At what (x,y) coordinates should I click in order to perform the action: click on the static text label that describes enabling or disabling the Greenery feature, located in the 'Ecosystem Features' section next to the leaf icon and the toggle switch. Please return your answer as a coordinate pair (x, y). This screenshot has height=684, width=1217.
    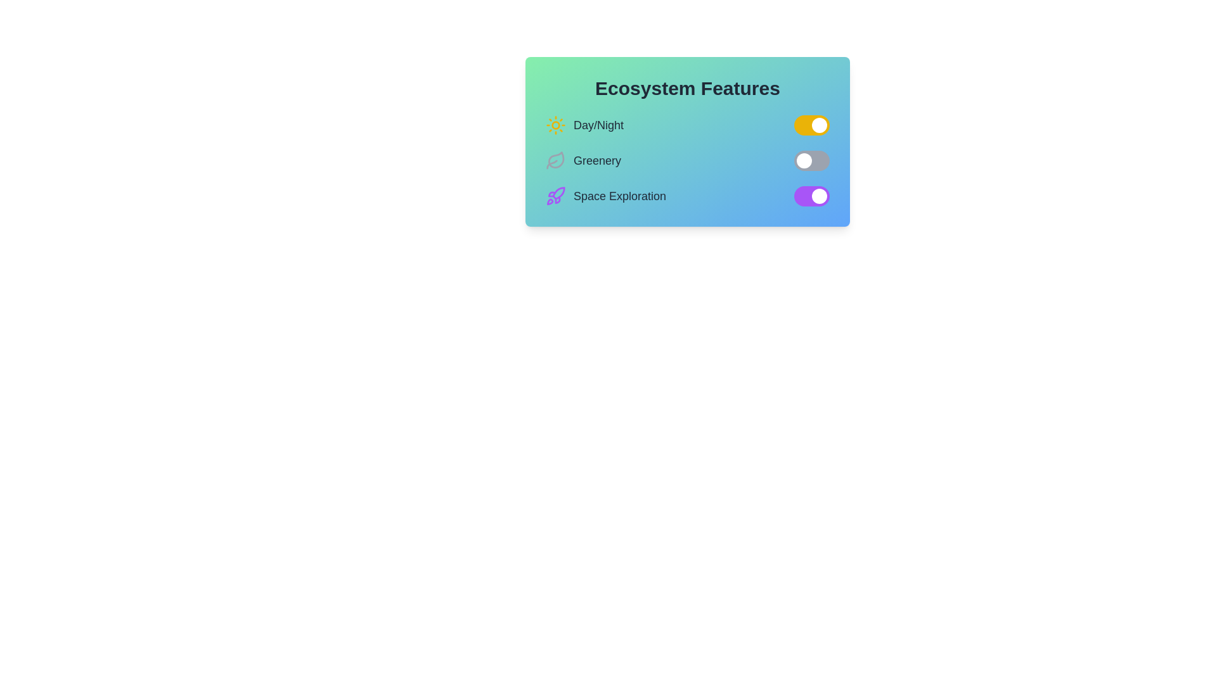
    Looking at the image, I should click on (596, 160).